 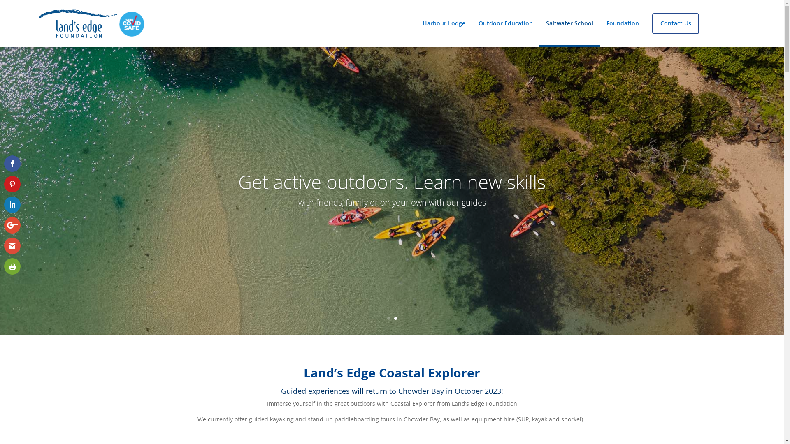 I want to click on '1', so click(x=388, y=318).